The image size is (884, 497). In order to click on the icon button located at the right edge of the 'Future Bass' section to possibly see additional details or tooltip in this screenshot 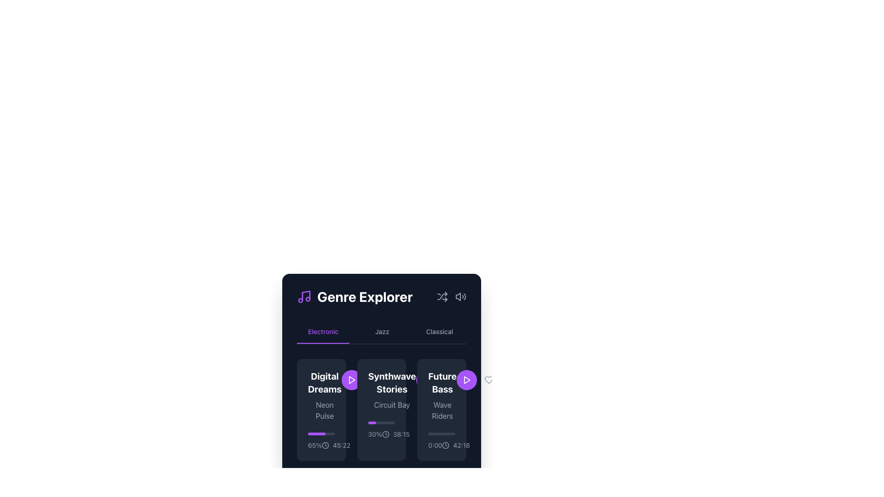, I will do `click(448, 380)`.